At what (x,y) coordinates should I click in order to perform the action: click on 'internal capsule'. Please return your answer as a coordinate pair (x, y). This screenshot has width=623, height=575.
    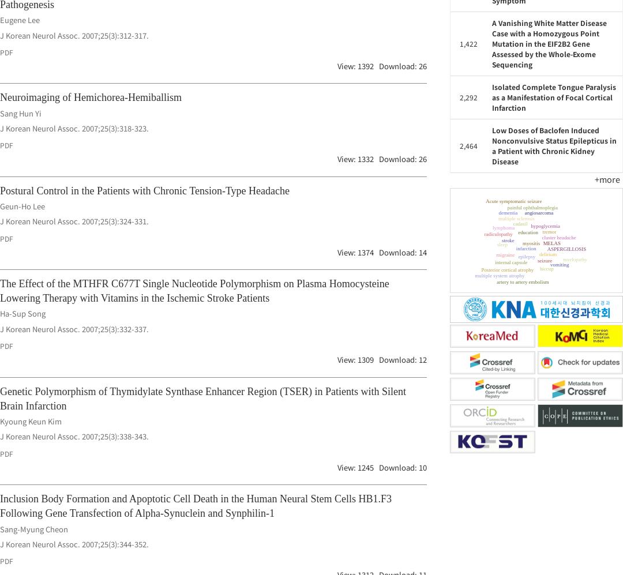
    Looking at the image, I should click on (500, 224).